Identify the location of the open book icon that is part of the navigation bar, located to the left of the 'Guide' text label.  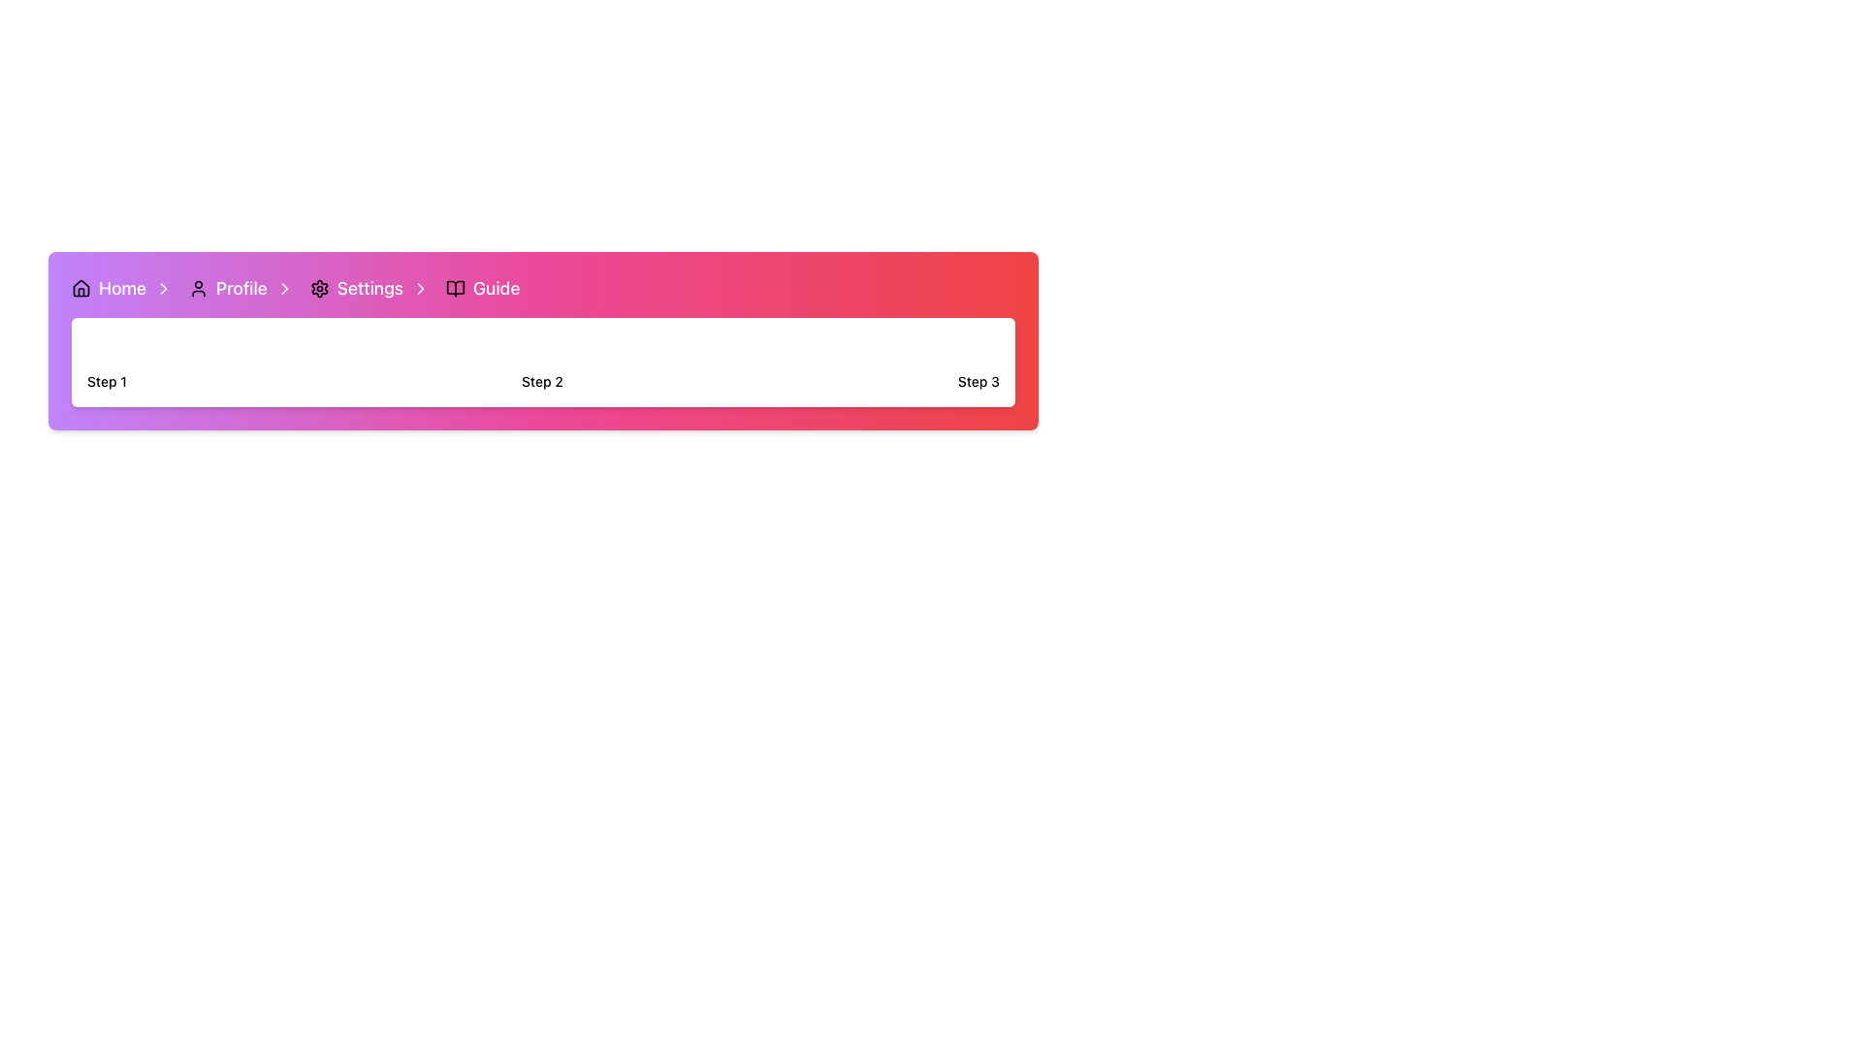
(455, 288).